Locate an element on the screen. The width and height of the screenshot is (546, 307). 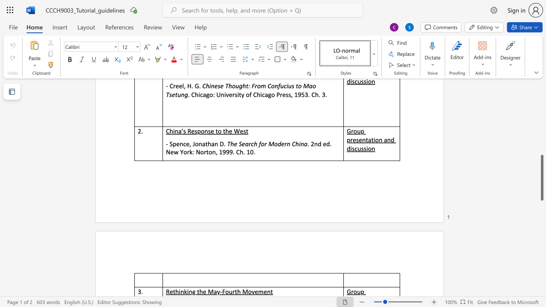
the scrollbar to slide the page up is located at coordinates (541, 101).